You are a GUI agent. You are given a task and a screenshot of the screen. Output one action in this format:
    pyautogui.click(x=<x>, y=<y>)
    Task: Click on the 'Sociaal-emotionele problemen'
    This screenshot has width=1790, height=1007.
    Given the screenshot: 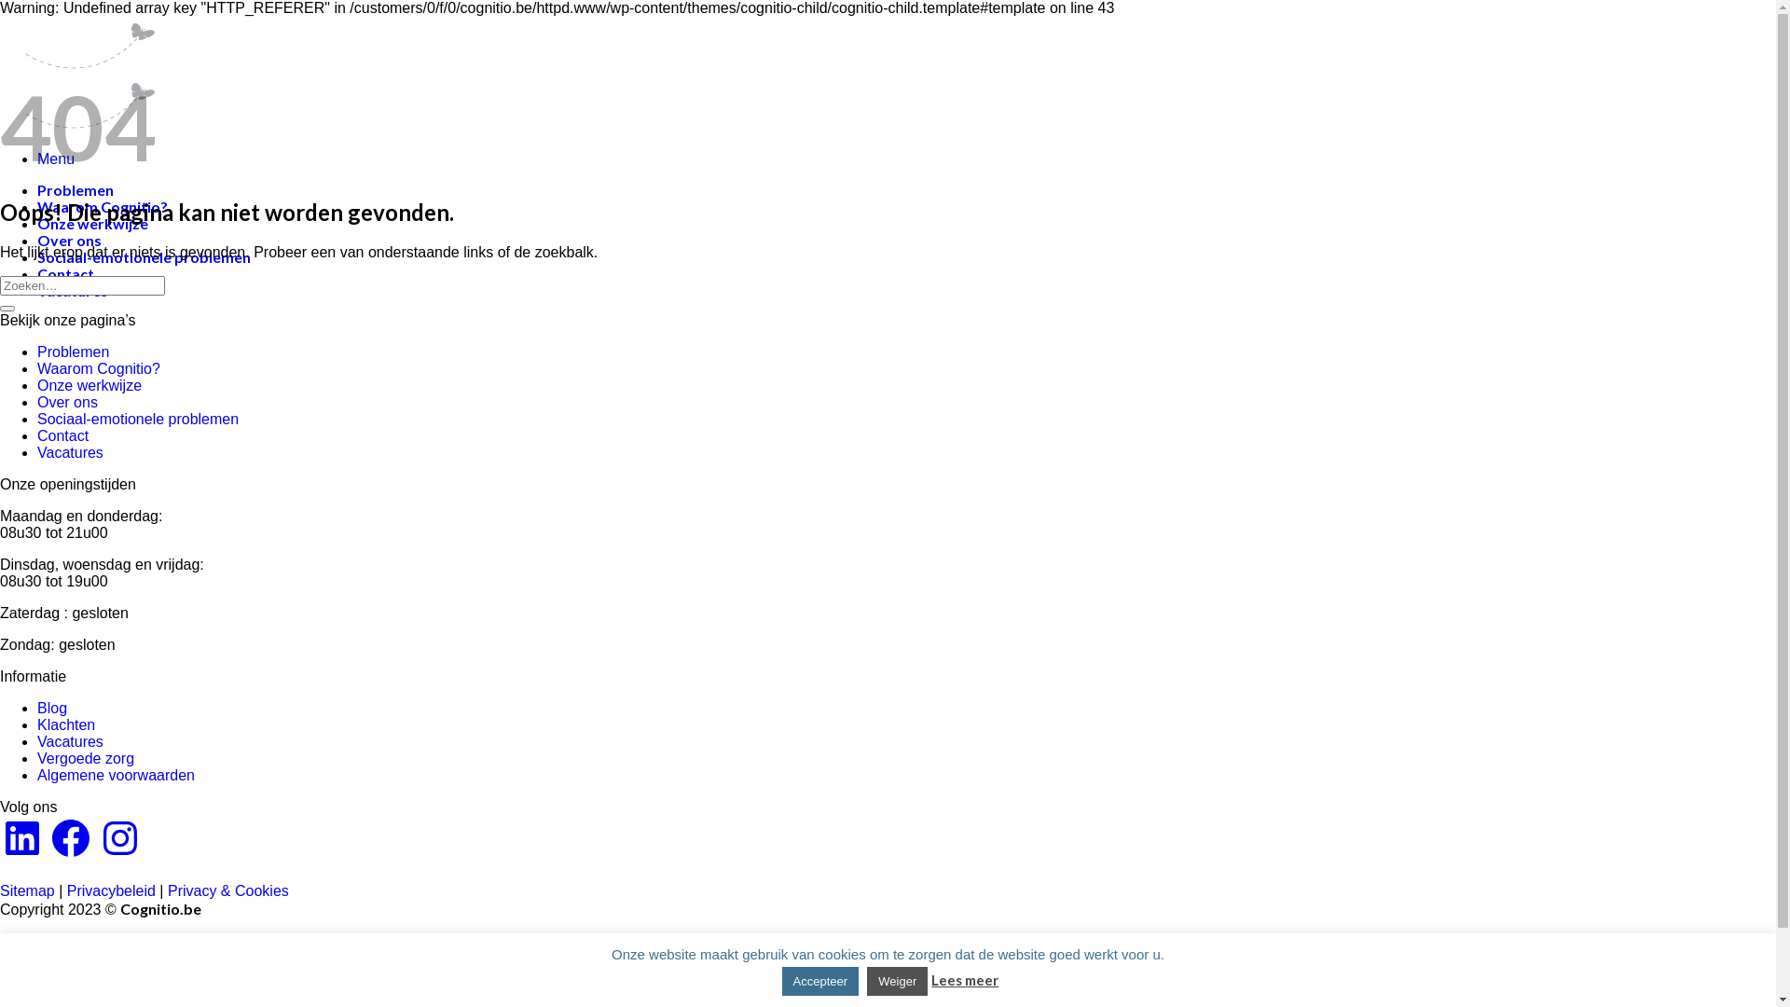 What is the action you would take?
    pyautogui.click(x=137, y=418)
    